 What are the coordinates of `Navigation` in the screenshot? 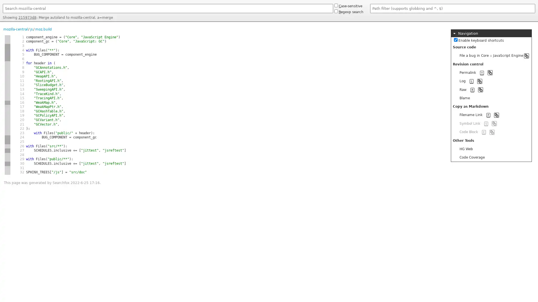 It's located at (491, 33).